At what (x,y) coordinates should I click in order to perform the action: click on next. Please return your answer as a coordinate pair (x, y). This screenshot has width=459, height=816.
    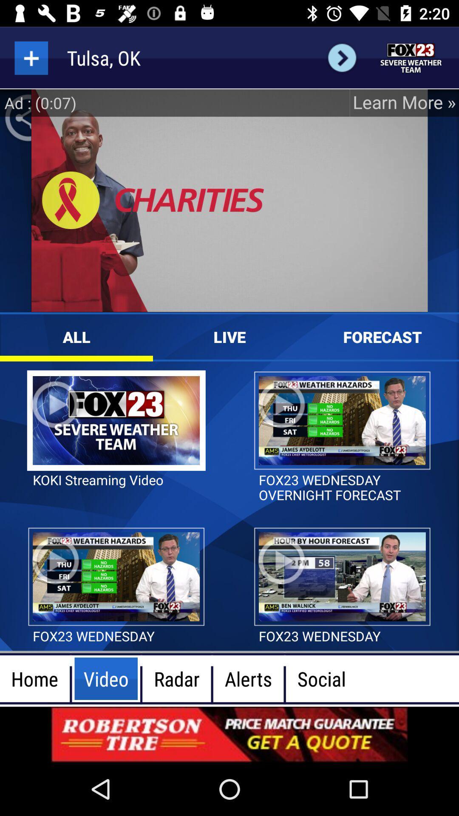
    Looking at the image, I should click on (342, 57).